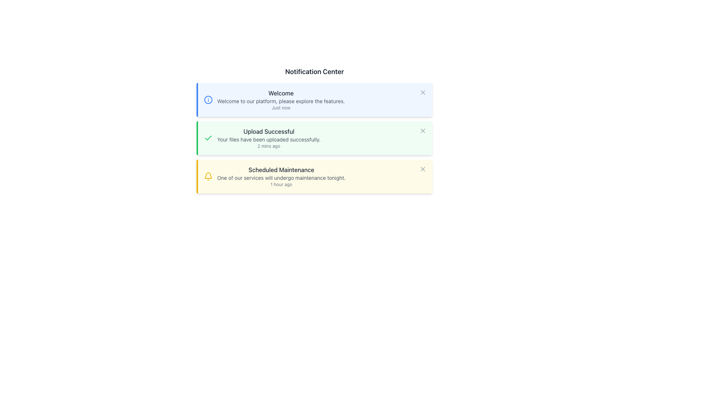 This screenshot has width=708, height=398. What do you see at coordinates (268, 138) in the screenshot?
I see `information displayed on the second Notification Card in the Notification Center, which confirms the successful upload of files` at bounding box center [268, 138].